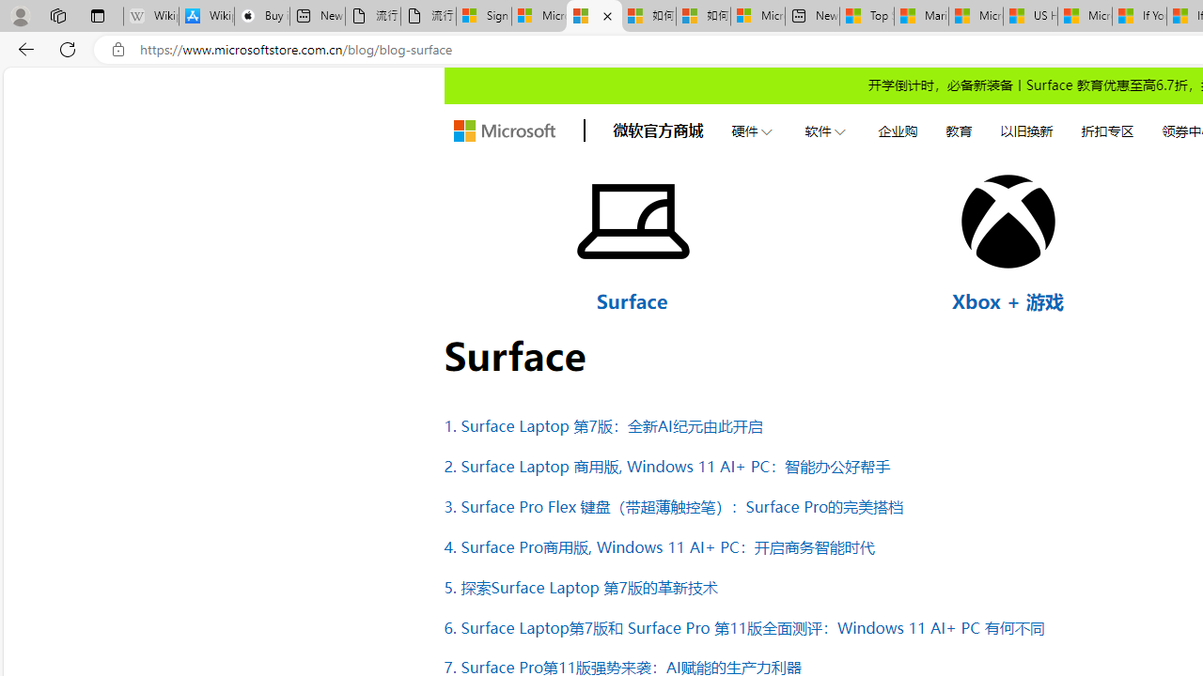  I want to click on 'Sign in to your Microsoft account', so click(484, 16).